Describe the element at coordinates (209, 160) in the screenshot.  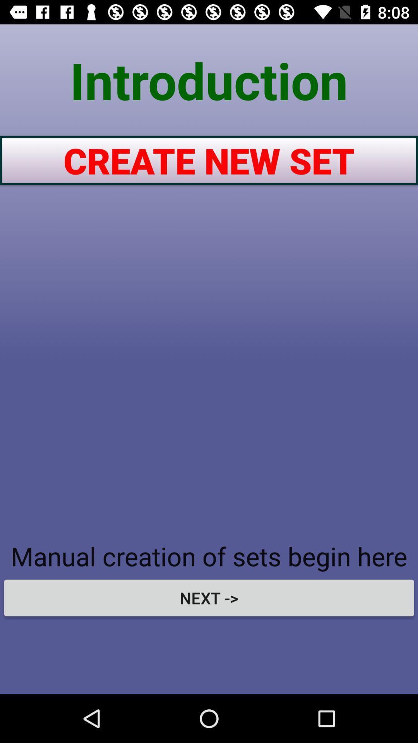
I see `the create new set` at that location.